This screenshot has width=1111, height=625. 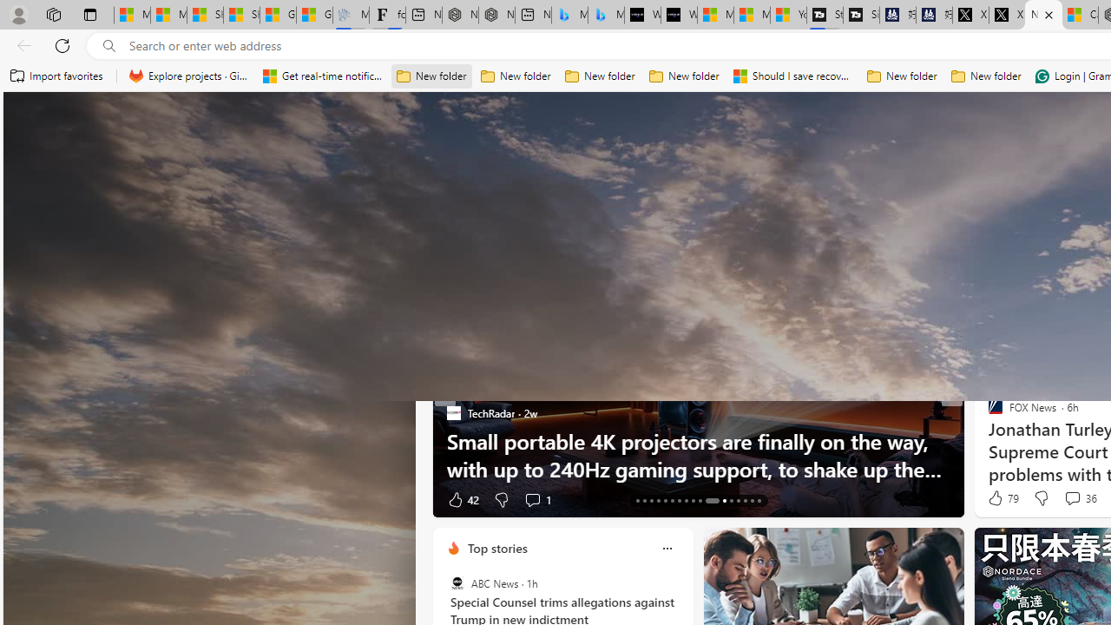 What do you see at coordinates (53, 14) in the screenshot?
I see `'Workspaces'` at bounding box center [53, 14].